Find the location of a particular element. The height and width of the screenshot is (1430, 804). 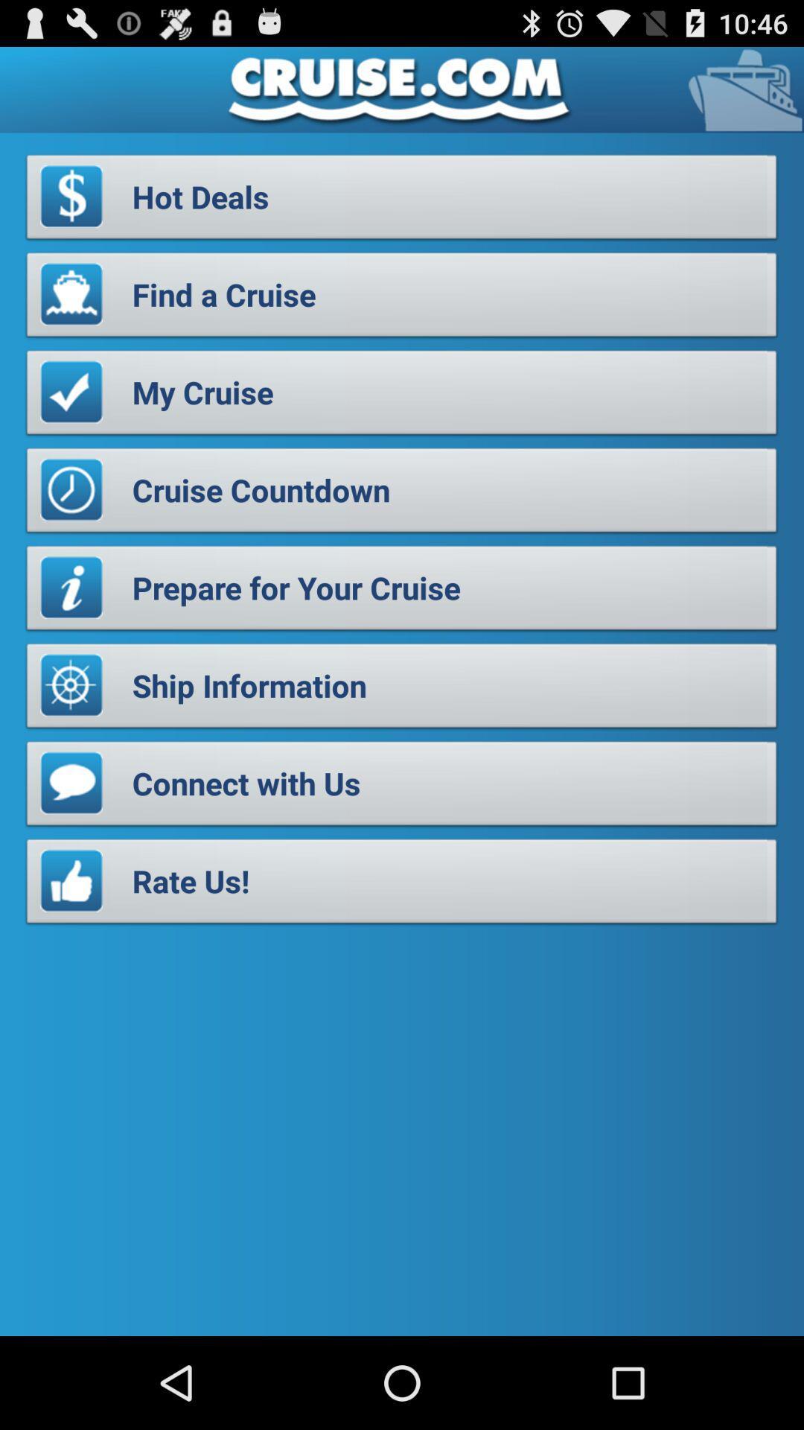

my cruise is located at coordinates (402, 396).